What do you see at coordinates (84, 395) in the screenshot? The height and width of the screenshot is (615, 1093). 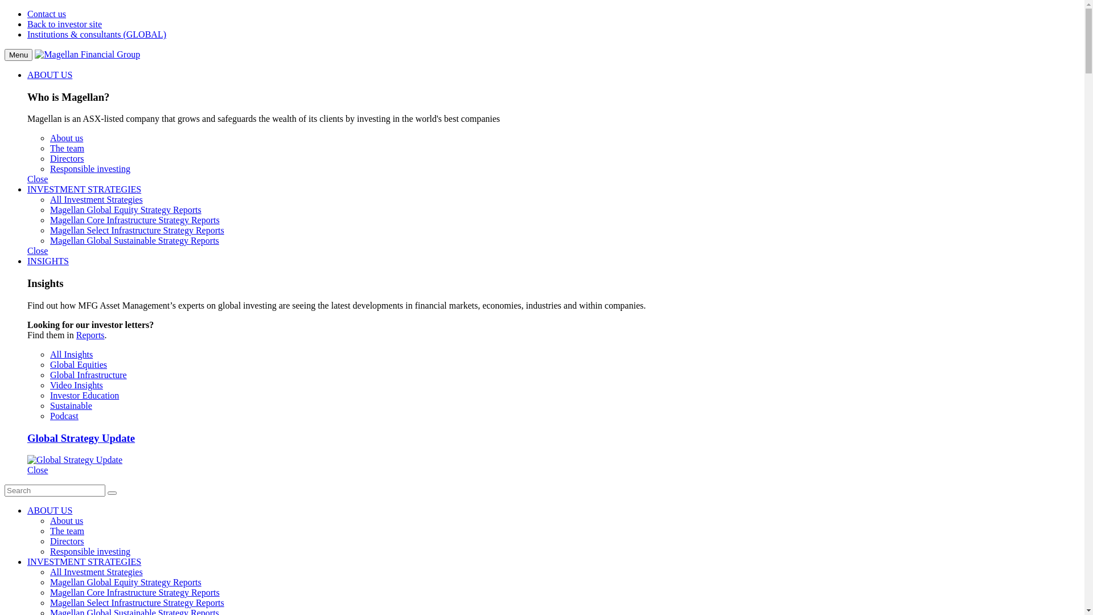 I see `'Investor Education'` at bounding box center [84, 395].